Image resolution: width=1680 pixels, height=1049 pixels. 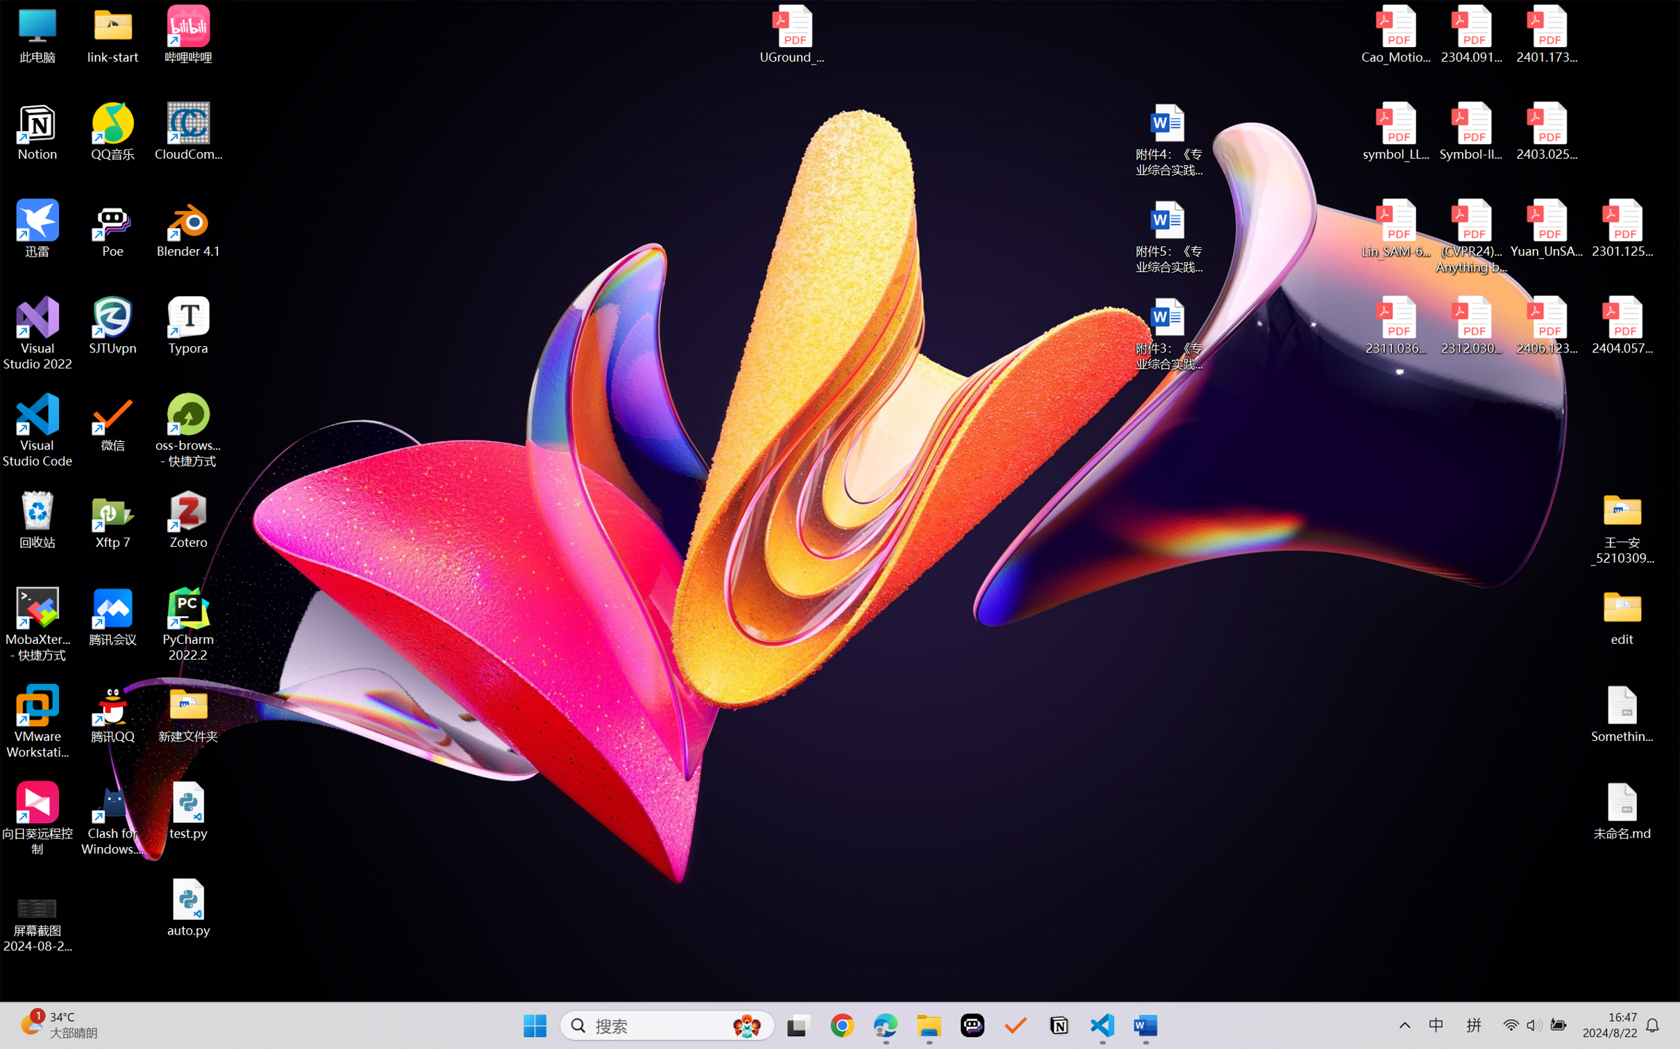 I want to click on 'Class: NetUIScrollBar', so click(x=1671, y=577).